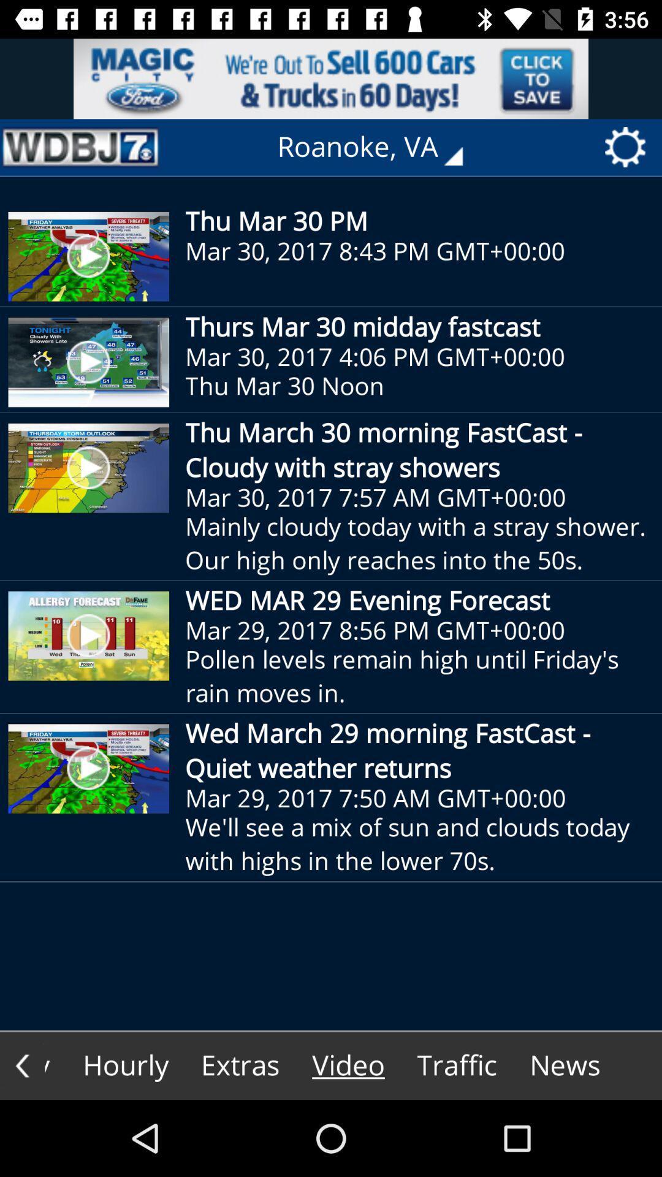 Image resolution: width=662 pixels, height=1177 pixels. I want to click on the arrow_backward icon, so click(22, 1065).